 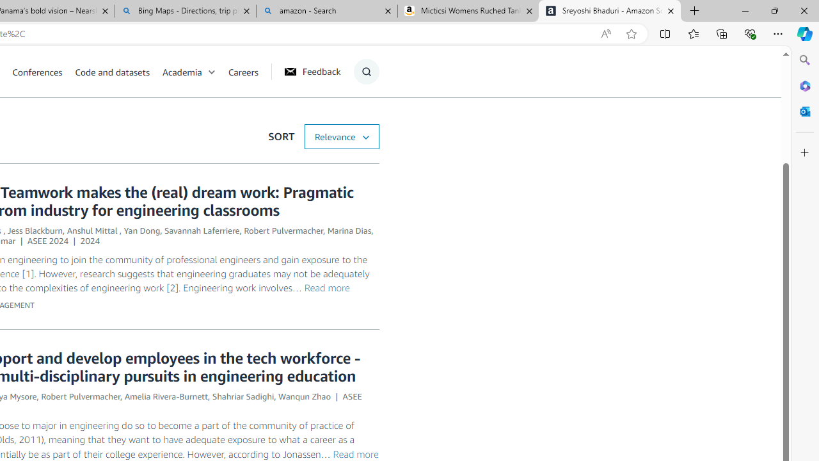 What do you see at coordinates (44, 71) in the screenshot?
I see `'Conferences'` at bounding box center [44, 71].